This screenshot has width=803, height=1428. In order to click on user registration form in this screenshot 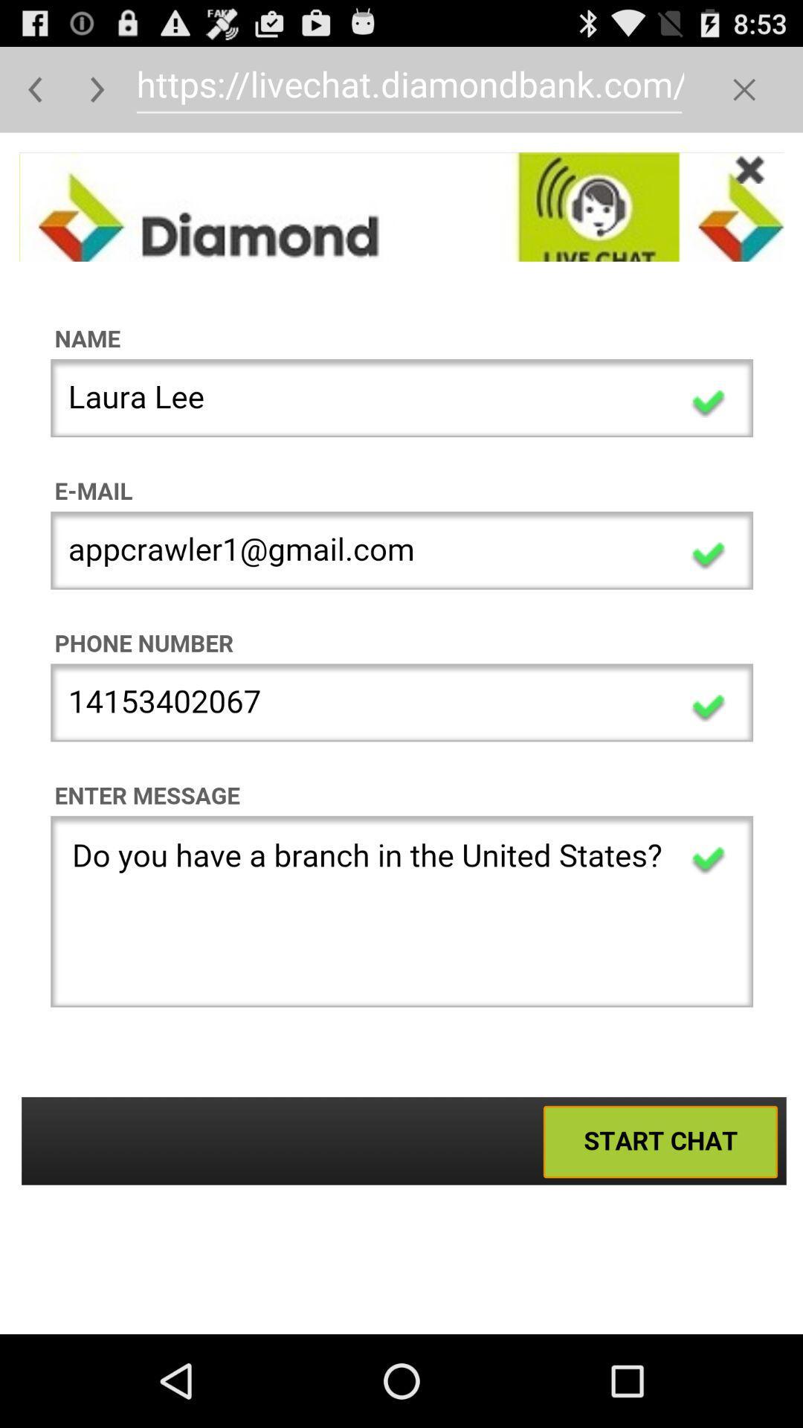, I will do `click(401, 733)`.